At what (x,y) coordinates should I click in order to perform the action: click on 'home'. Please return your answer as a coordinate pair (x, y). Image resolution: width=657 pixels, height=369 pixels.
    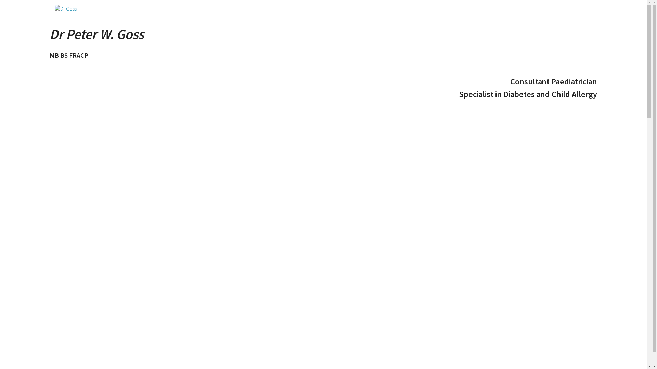
    Looking at the image, I should click on (49, 8).